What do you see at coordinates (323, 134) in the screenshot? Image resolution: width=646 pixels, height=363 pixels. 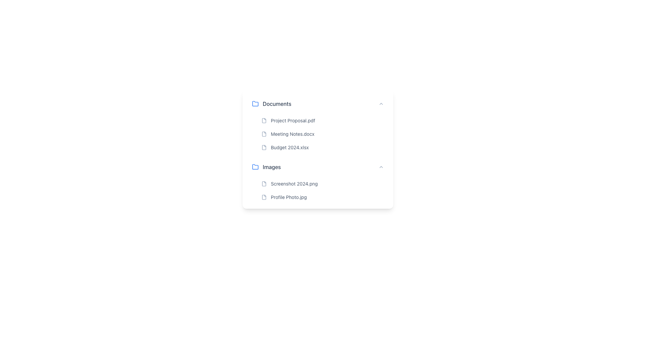 I see `the selectable file entry named 'Meeting Notes.docx'` at bounding box center [323, 134].